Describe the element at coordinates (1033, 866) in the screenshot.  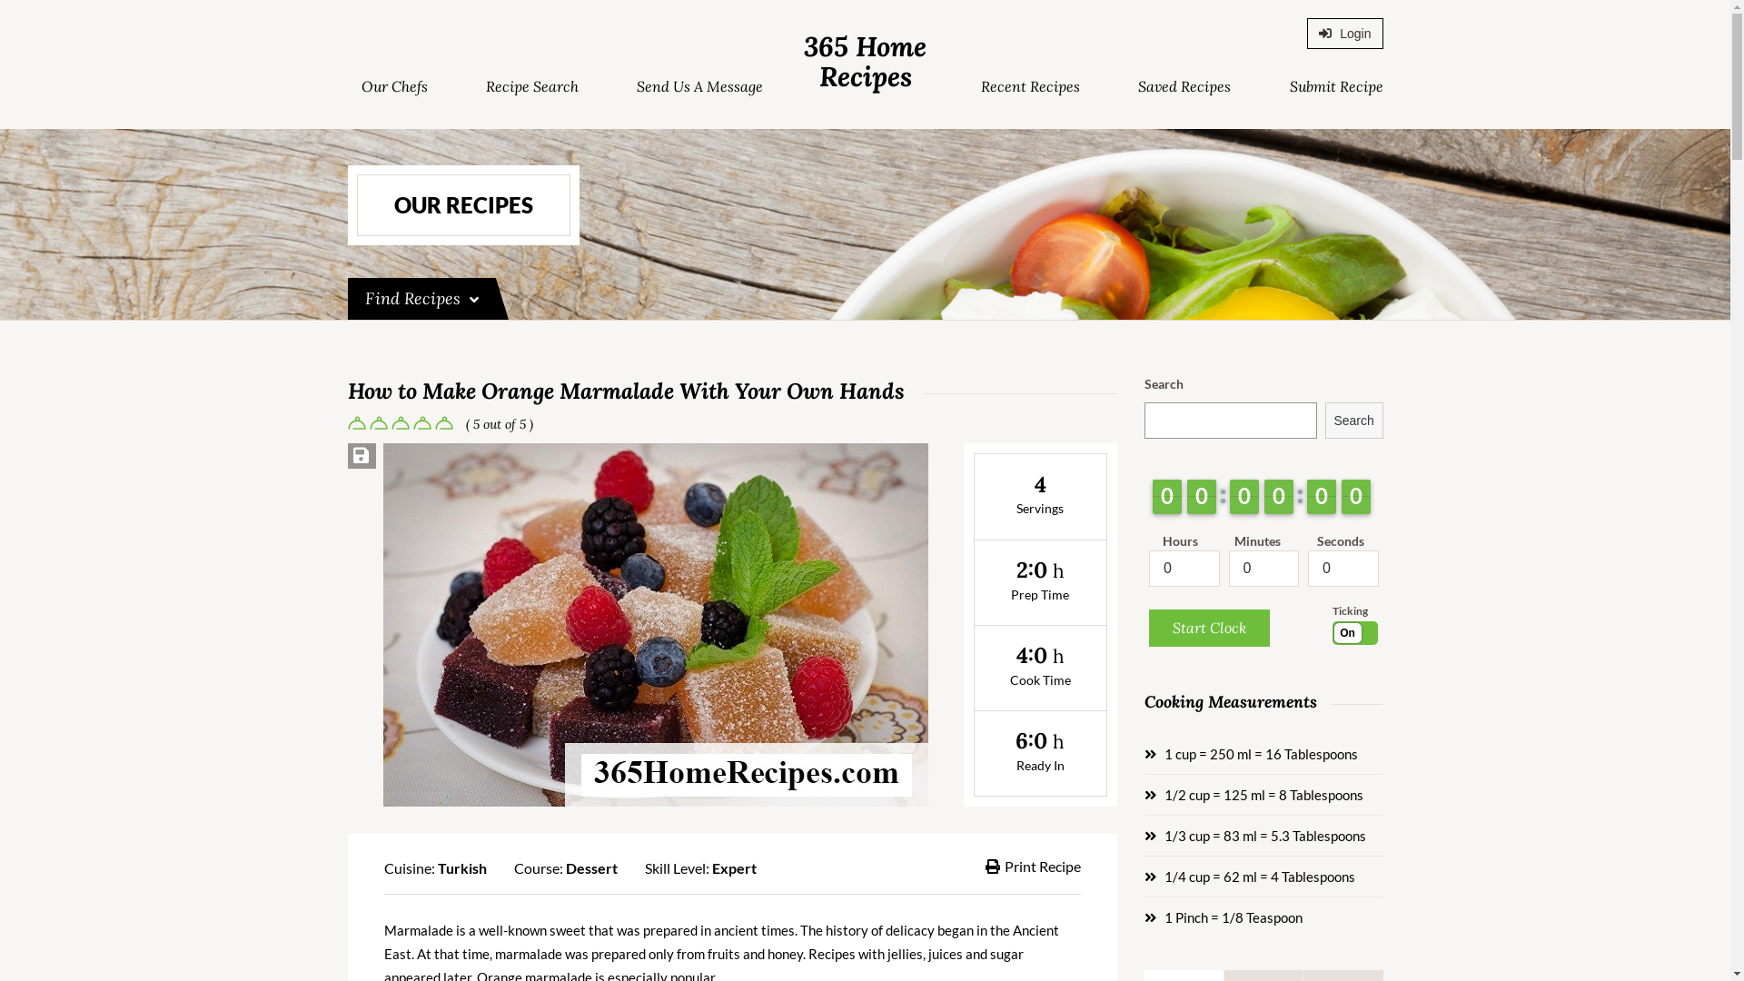
I see `'Print Recipe'` at that location.